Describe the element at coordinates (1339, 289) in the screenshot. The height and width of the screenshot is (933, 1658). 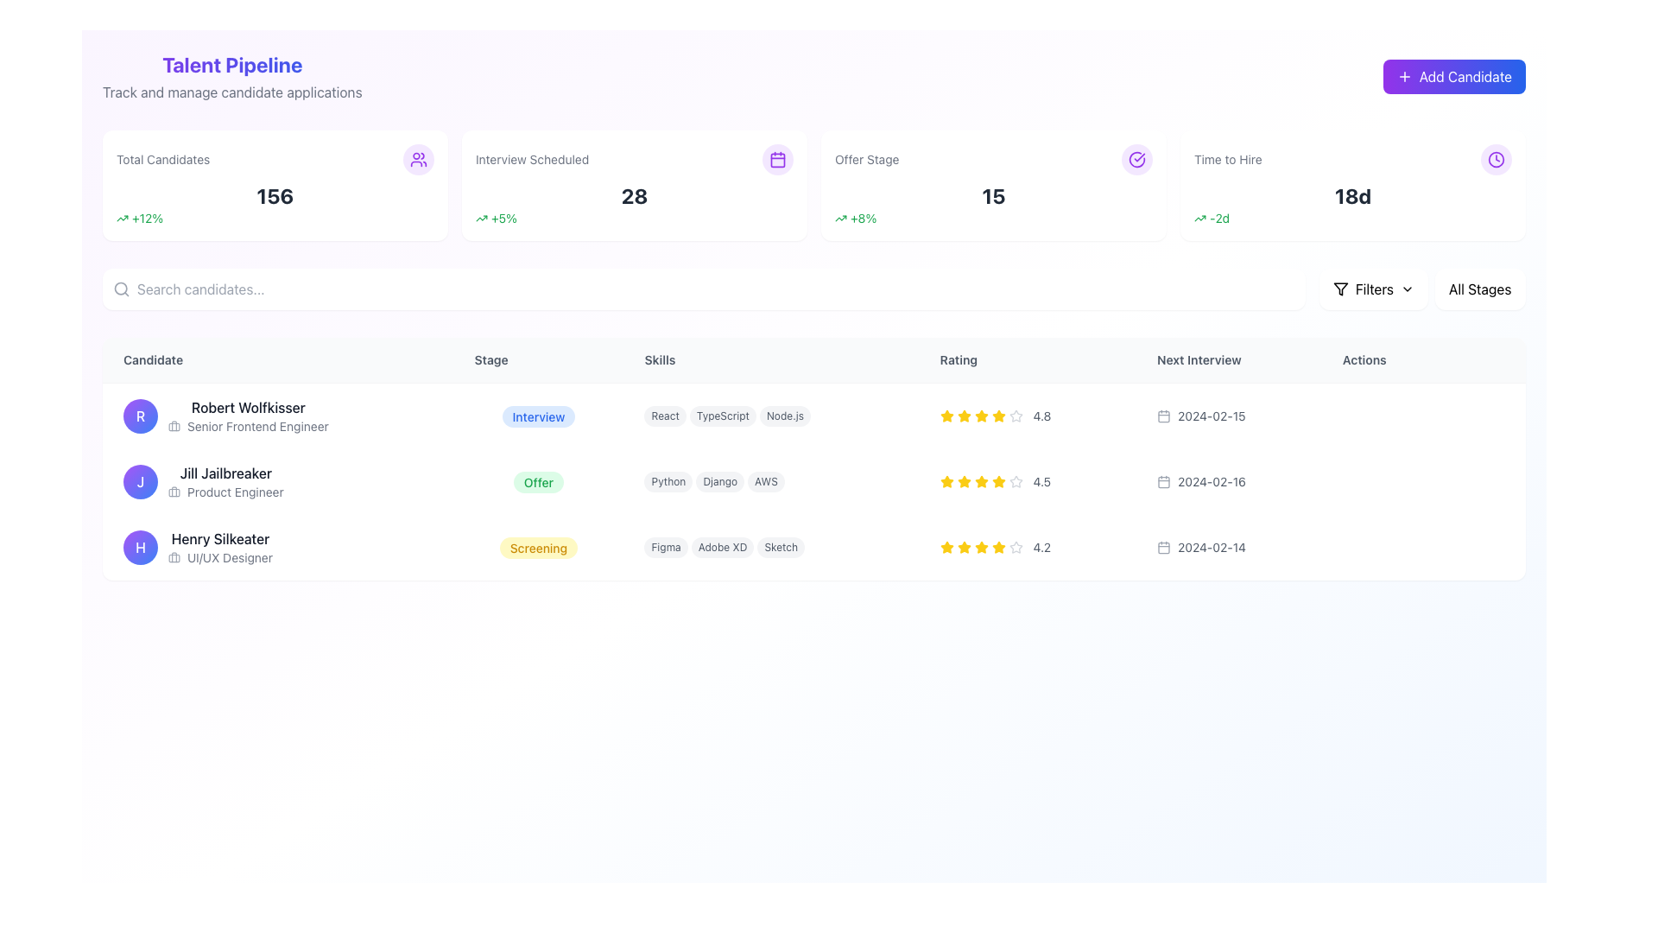
I see `the small filter icon styled as a funnel located inside the rounded button group labeled 'Filters'` at that location.